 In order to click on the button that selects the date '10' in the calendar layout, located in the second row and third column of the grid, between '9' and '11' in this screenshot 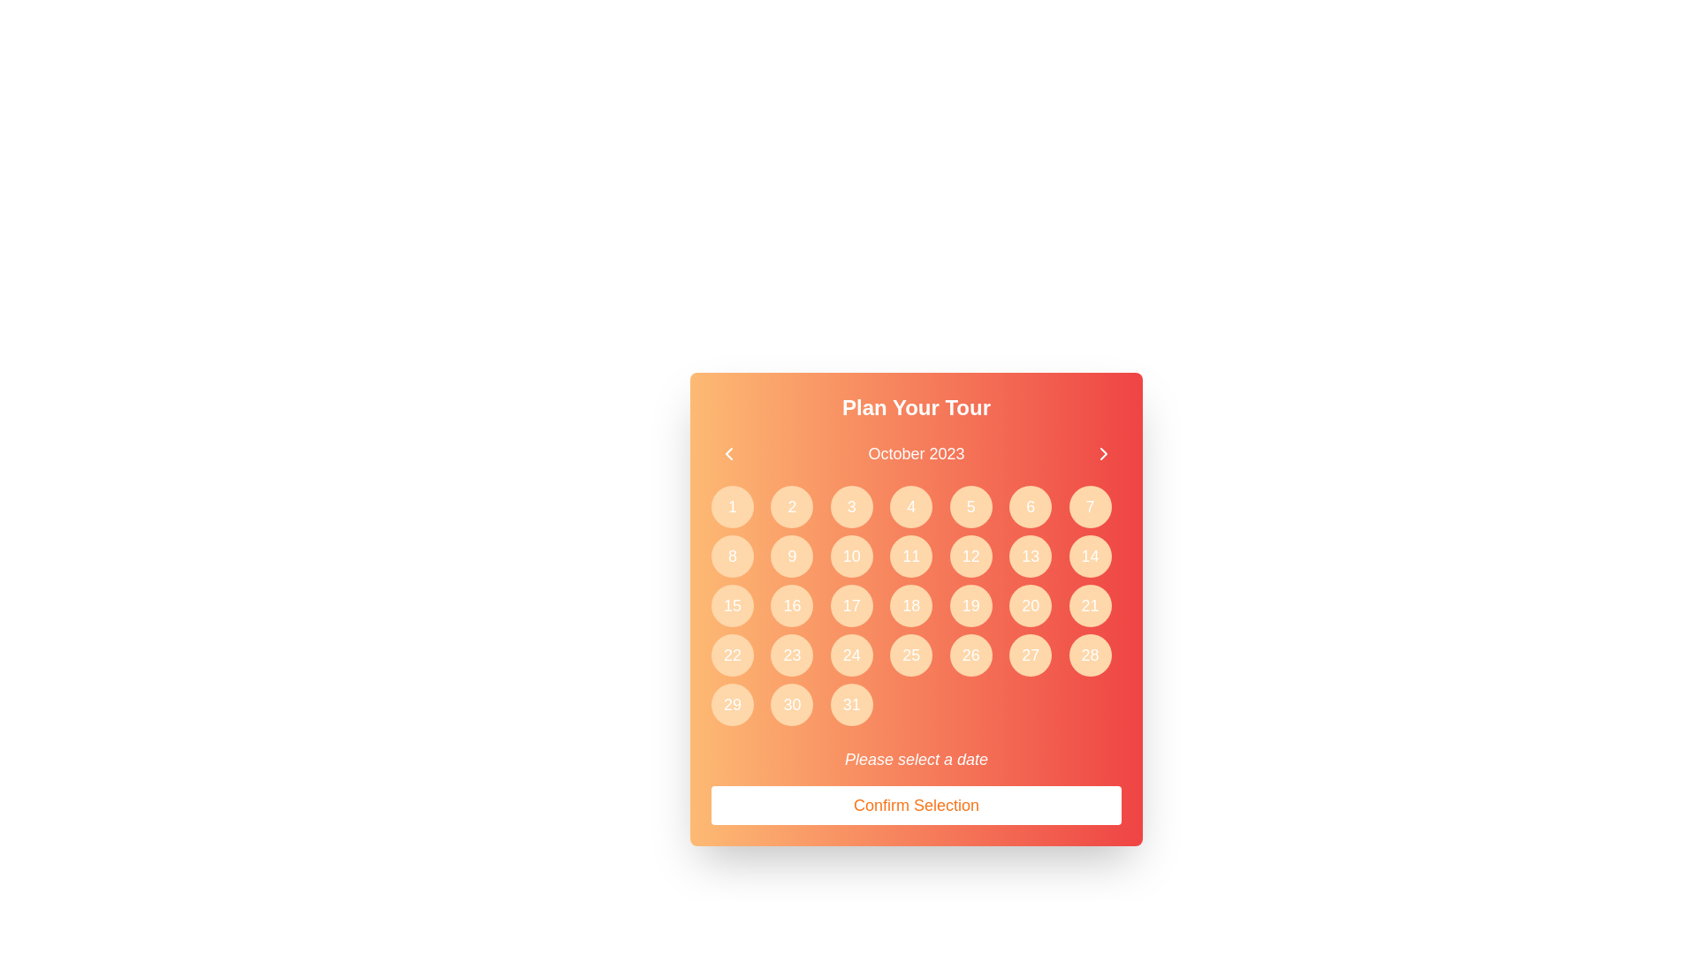, I will do `click(851, 555)`.